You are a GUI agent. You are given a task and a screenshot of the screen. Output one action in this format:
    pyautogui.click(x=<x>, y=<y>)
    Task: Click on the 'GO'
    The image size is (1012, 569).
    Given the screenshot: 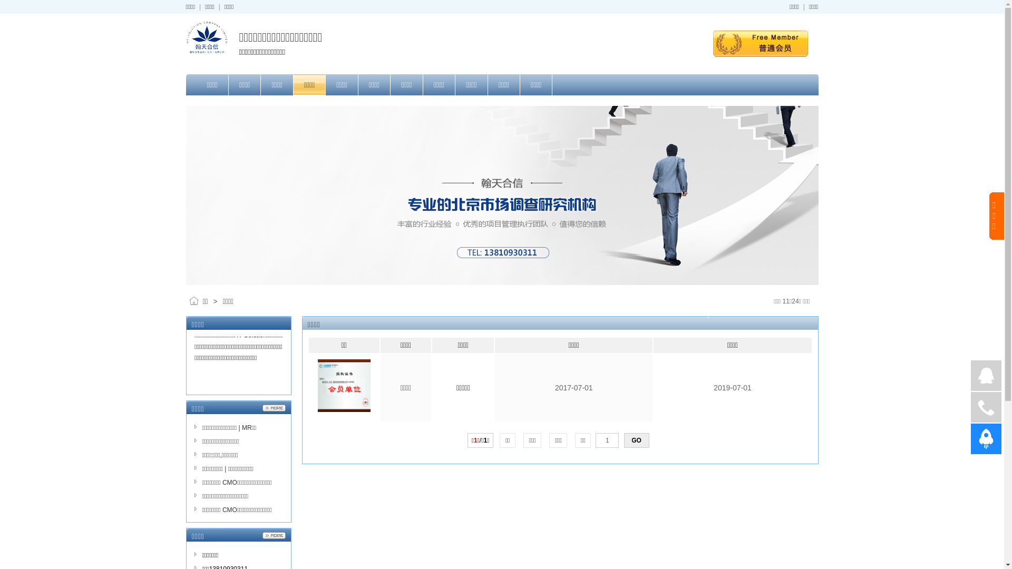 What is the action you would take?
    pyautogui.click(x=636, y=440)
    